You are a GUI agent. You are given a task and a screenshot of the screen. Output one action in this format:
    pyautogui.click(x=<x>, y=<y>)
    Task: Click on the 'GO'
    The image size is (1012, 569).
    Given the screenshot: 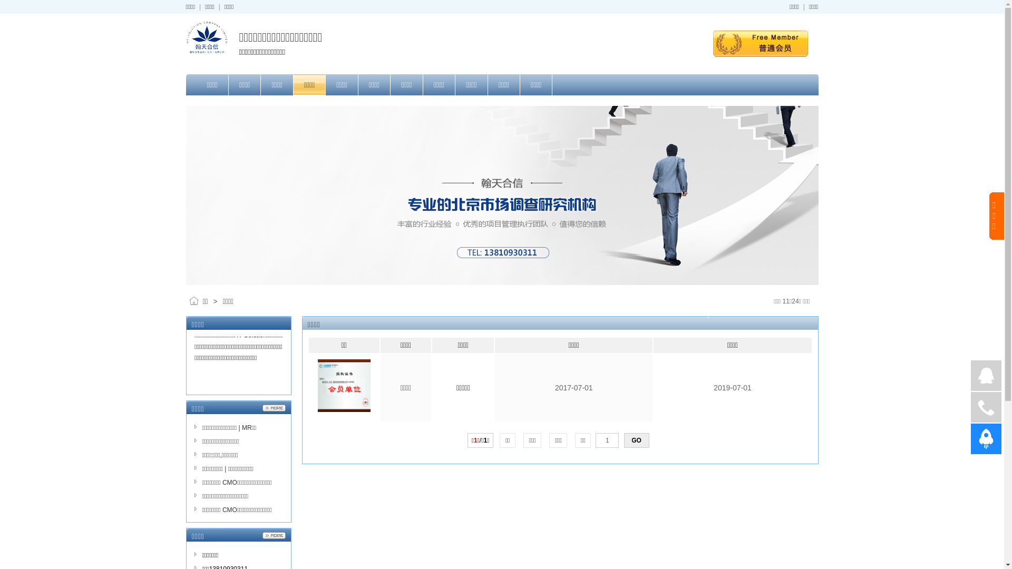 What is the action you would take?
    pyautogui.click(x=636, y=440)
    